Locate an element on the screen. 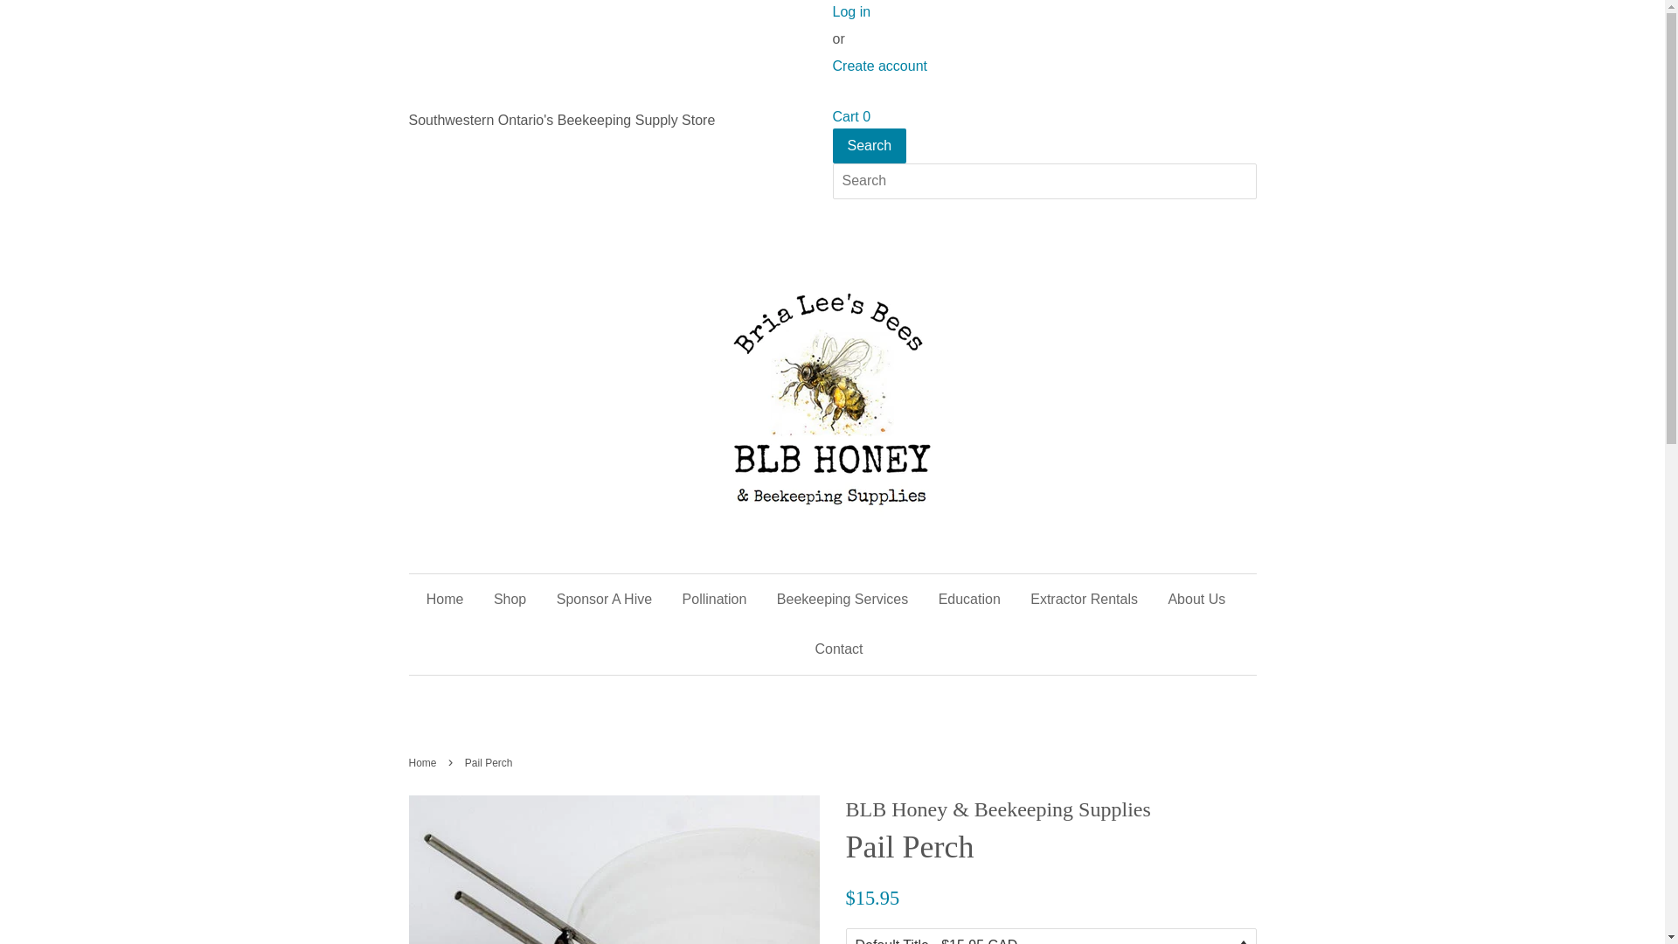 The image size is (1678, 944). 'Home' is located at coordinates (452, 598).